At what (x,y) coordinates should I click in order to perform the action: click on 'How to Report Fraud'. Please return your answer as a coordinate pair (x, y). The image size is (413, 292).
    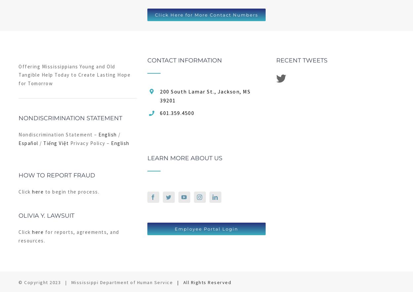
    Looking at the image, I should click on (57, 175).